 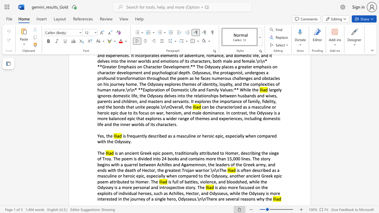 I want to click on the subset text "ally when compared to the Odyssey, another ancient Greek epic poem attributed to Hom" within the text "is often described as a masculine or heroic epic, especially when compared to the Odyssey, another ancient Greek epic poem attributed to Homer. The", so click(x=158, y=175).